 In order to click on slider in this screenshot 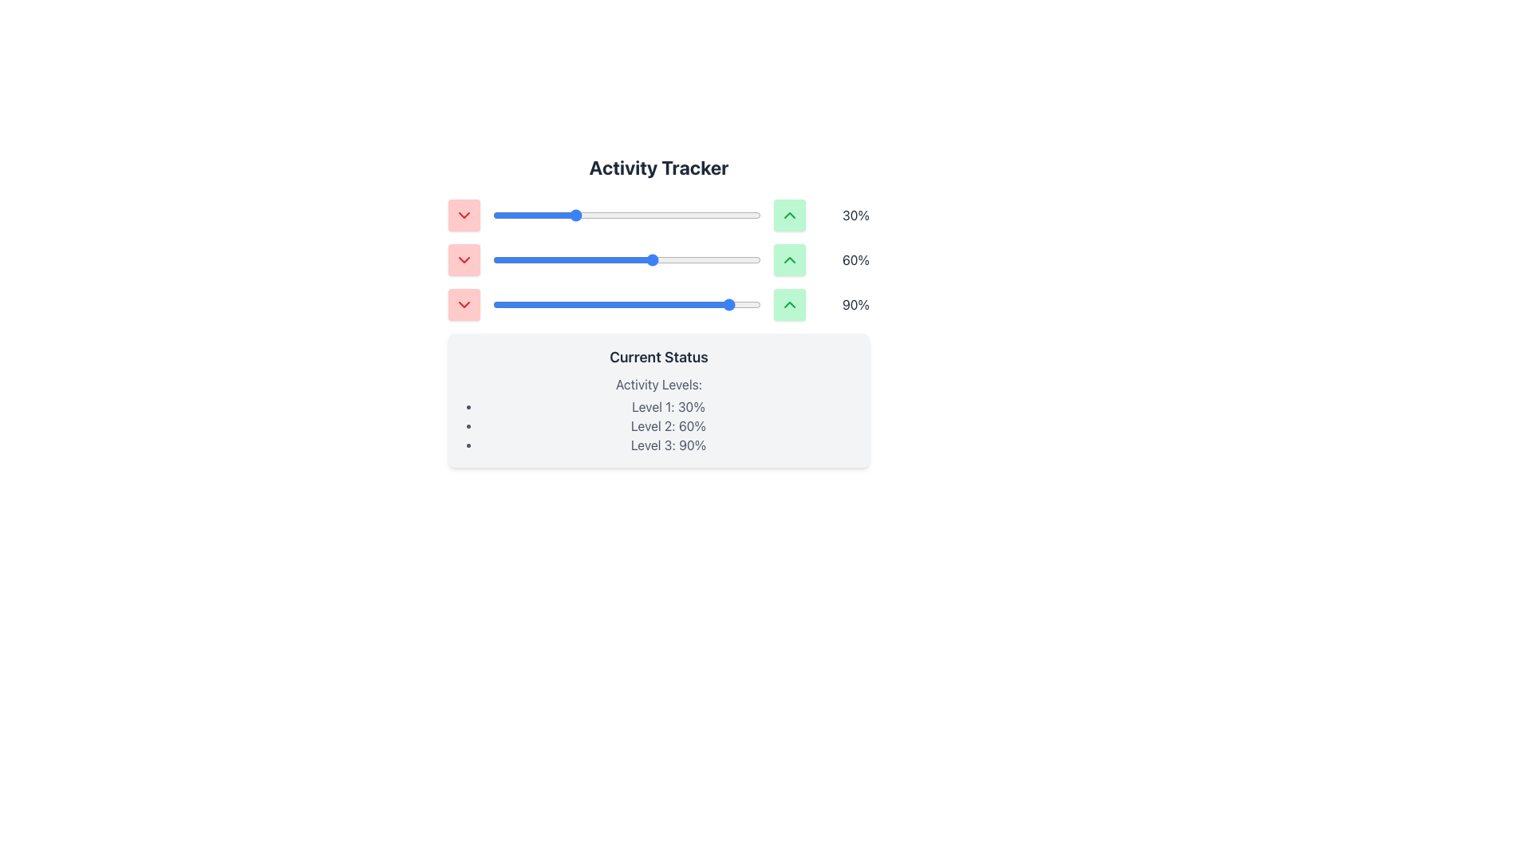, I will do `click(689, 215)`.